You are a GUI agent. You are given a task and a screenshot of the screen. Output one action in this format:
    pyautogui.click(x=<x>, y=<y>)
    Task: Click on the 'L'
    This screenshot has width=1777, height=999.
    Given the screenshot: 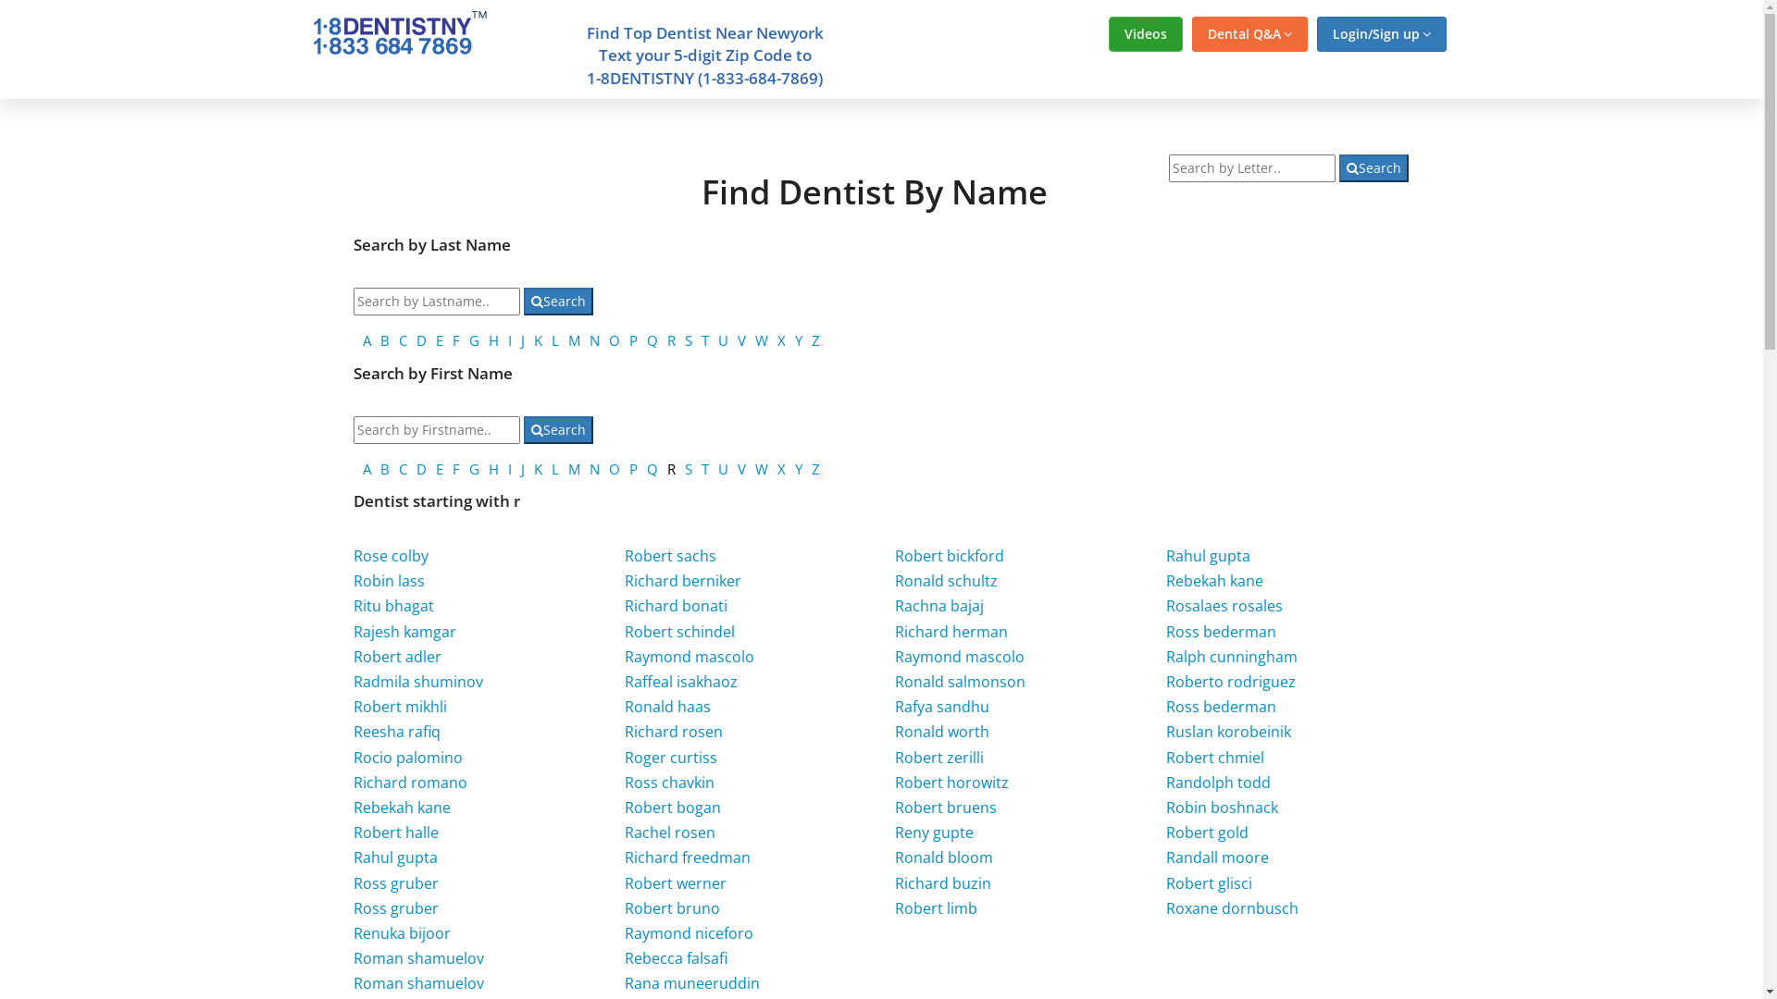 What is the action you would take?
    pyautogui.click(x=550, y=339)
    